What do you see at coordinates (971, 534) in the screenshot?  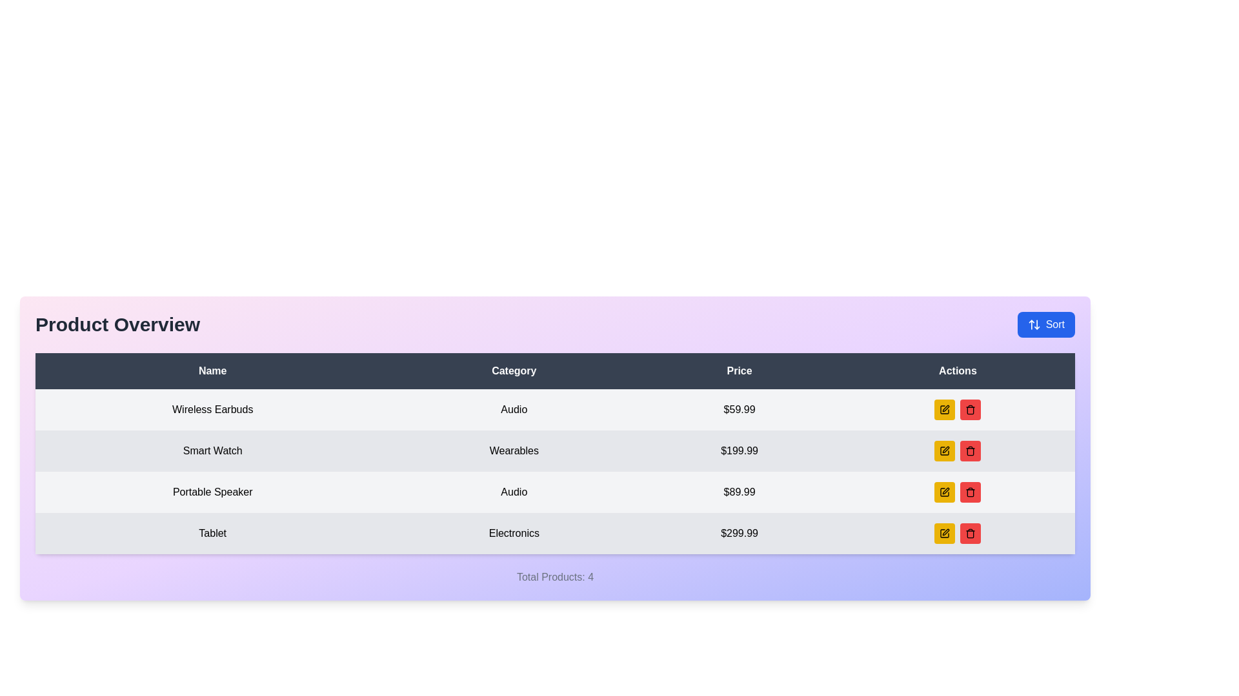 I see `the delete icon button located in the lower-right action column of the table row for the 'Tablet' product` at bounding box center [971, 534].